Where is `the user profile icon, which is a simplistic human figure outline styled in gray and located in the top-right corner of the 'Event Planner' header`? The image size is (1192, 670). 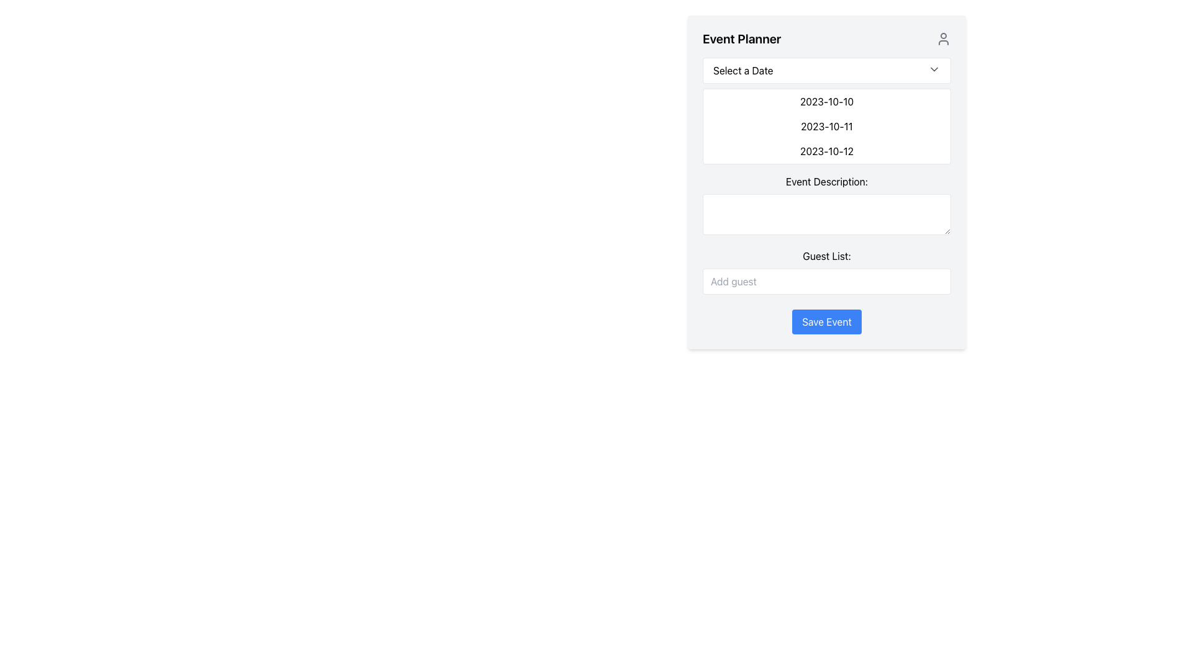
the user profile icon, which is a simplistic human figure outline styled in gray and located in the top-right corner of the 'Event Planner' header is located at coordinates (944, 38).